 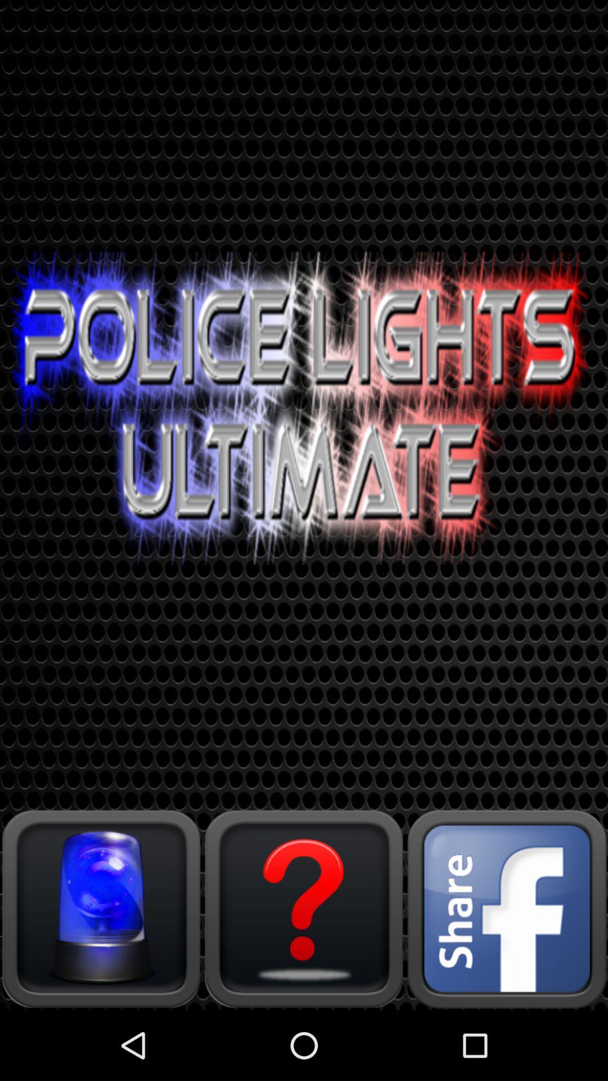 What do you see at coordinates (506, 908) in the screenshot?
I see `share on facebook` at bounding box center [506, 908].